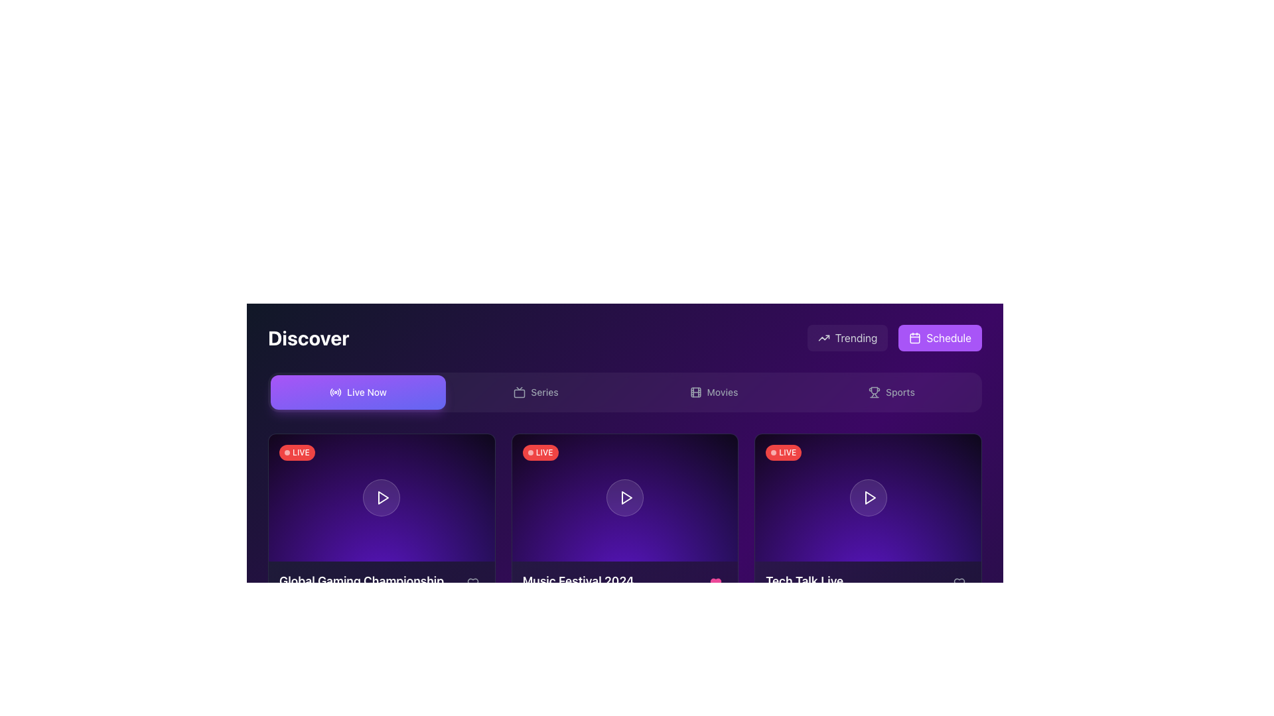  Describe the element at coordinates (823, 337) in the screenshot. I see `graphical indicator icon within the SVG component associated with the 'Trending' button located in the upper-right portion of the interface` at that location.